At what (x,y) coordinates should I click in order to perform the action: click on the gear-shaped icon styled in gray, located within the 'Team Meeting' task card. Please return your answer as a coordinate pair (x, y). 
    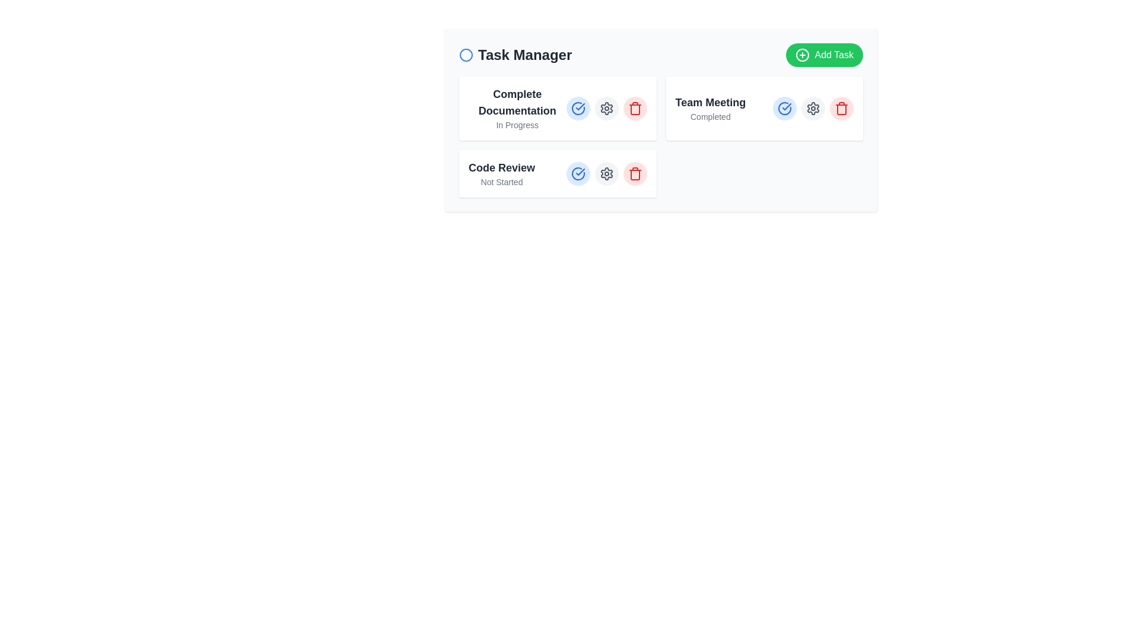
    Looking at the image, I should click on (813, 108).